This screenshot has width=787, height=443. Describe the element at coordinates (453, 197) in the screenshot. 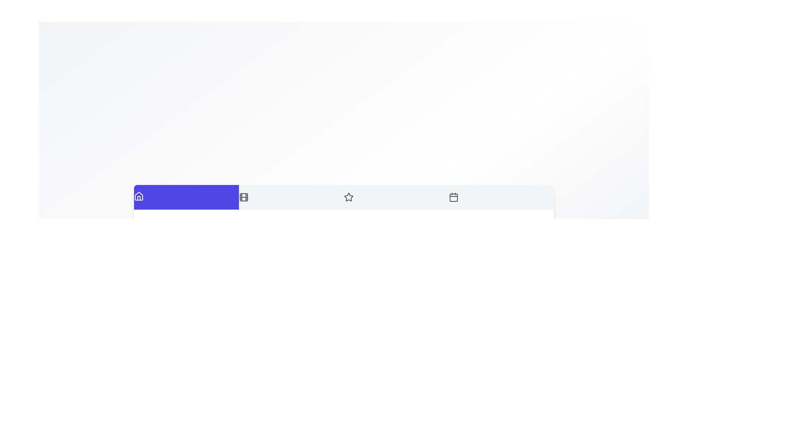

I see `the calendar icon, which is the fourth item in the horizontal row of icons on the bottom navigation bar` at that location.